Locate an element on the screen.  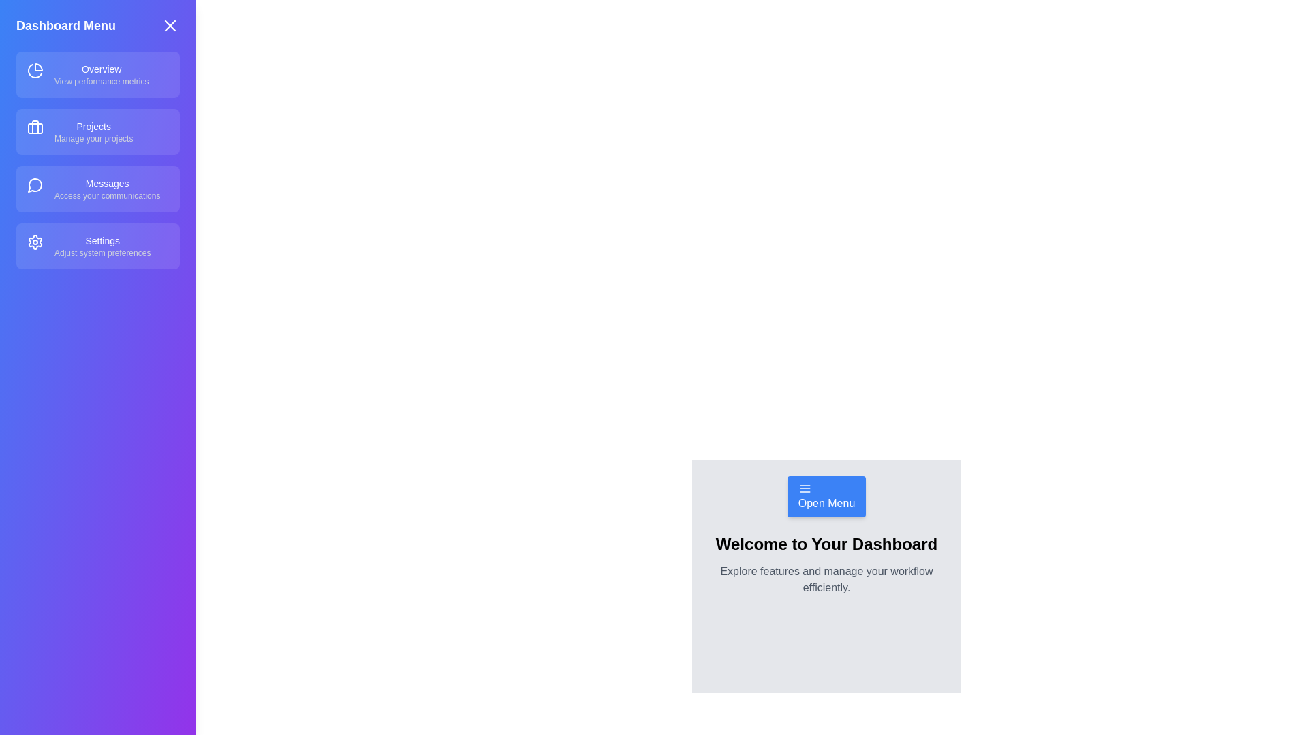
the menu item labeled Settings is located at coordinates (97, 246).